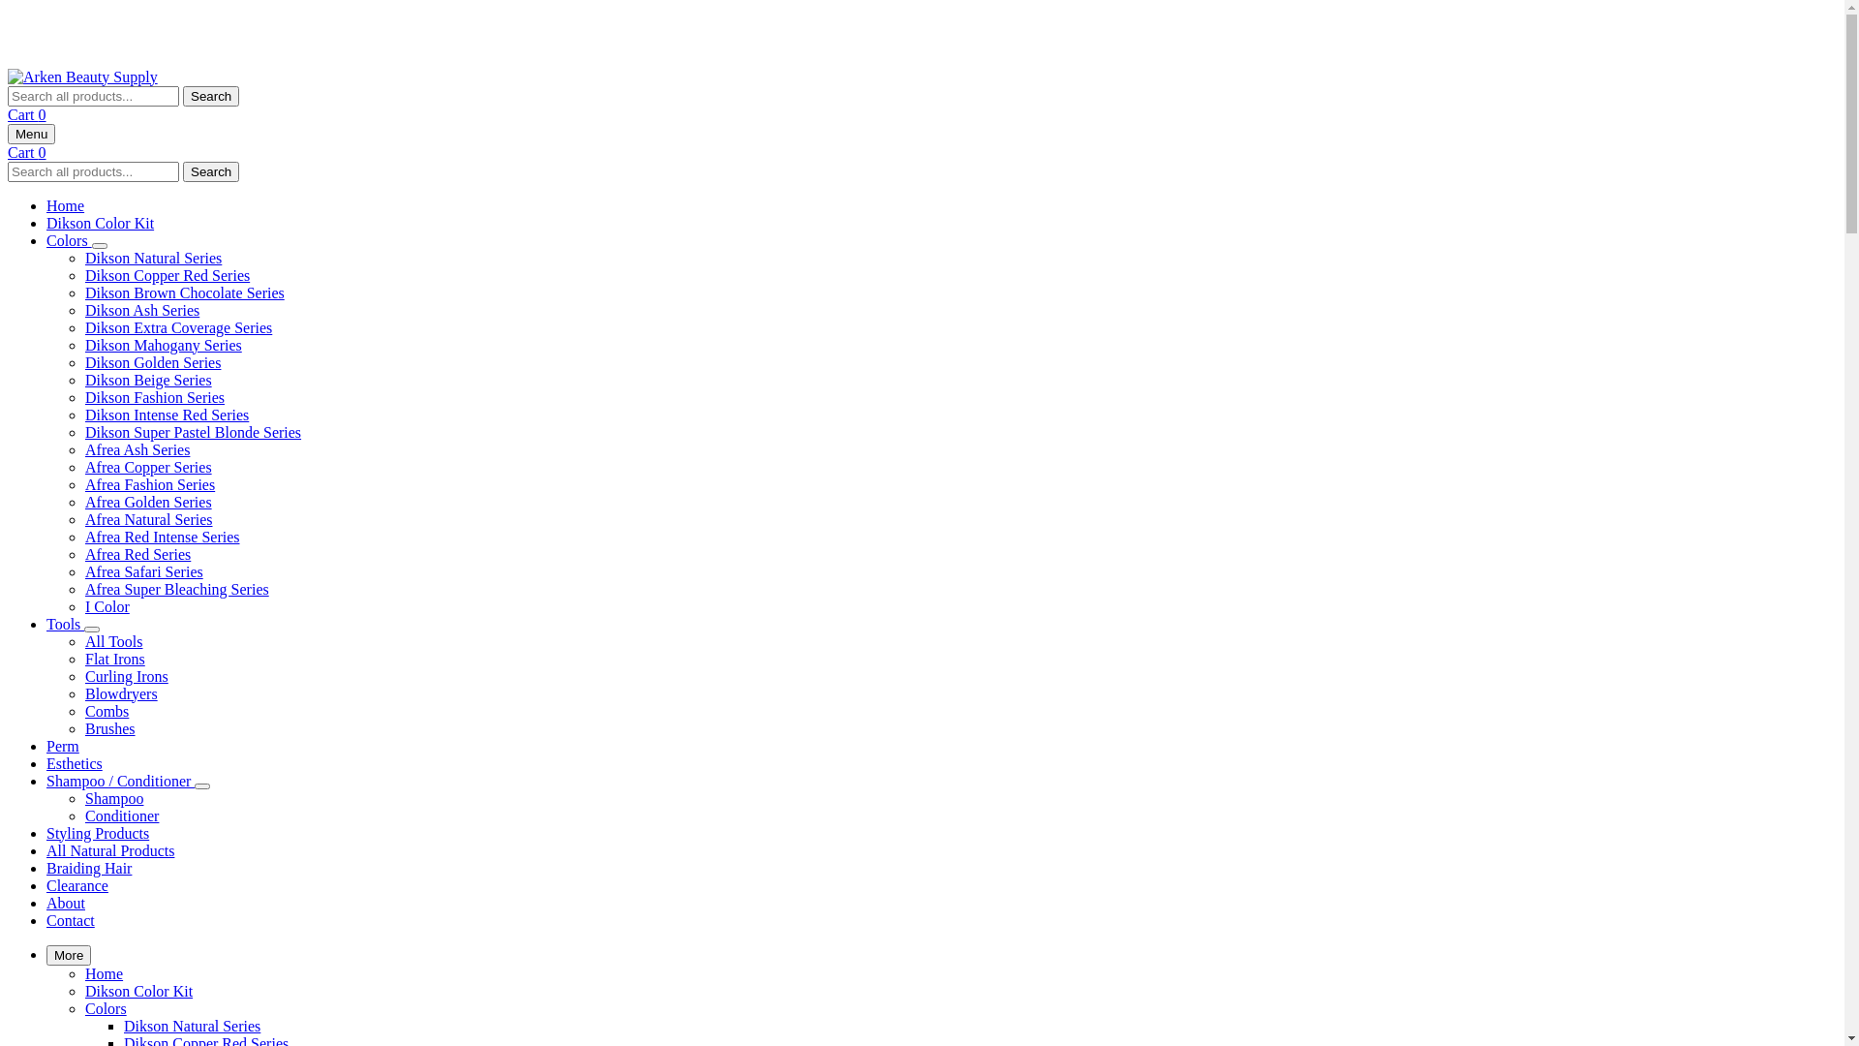  I want to click on 'Dikson Brown Chocolate Series', so click(185, 292).